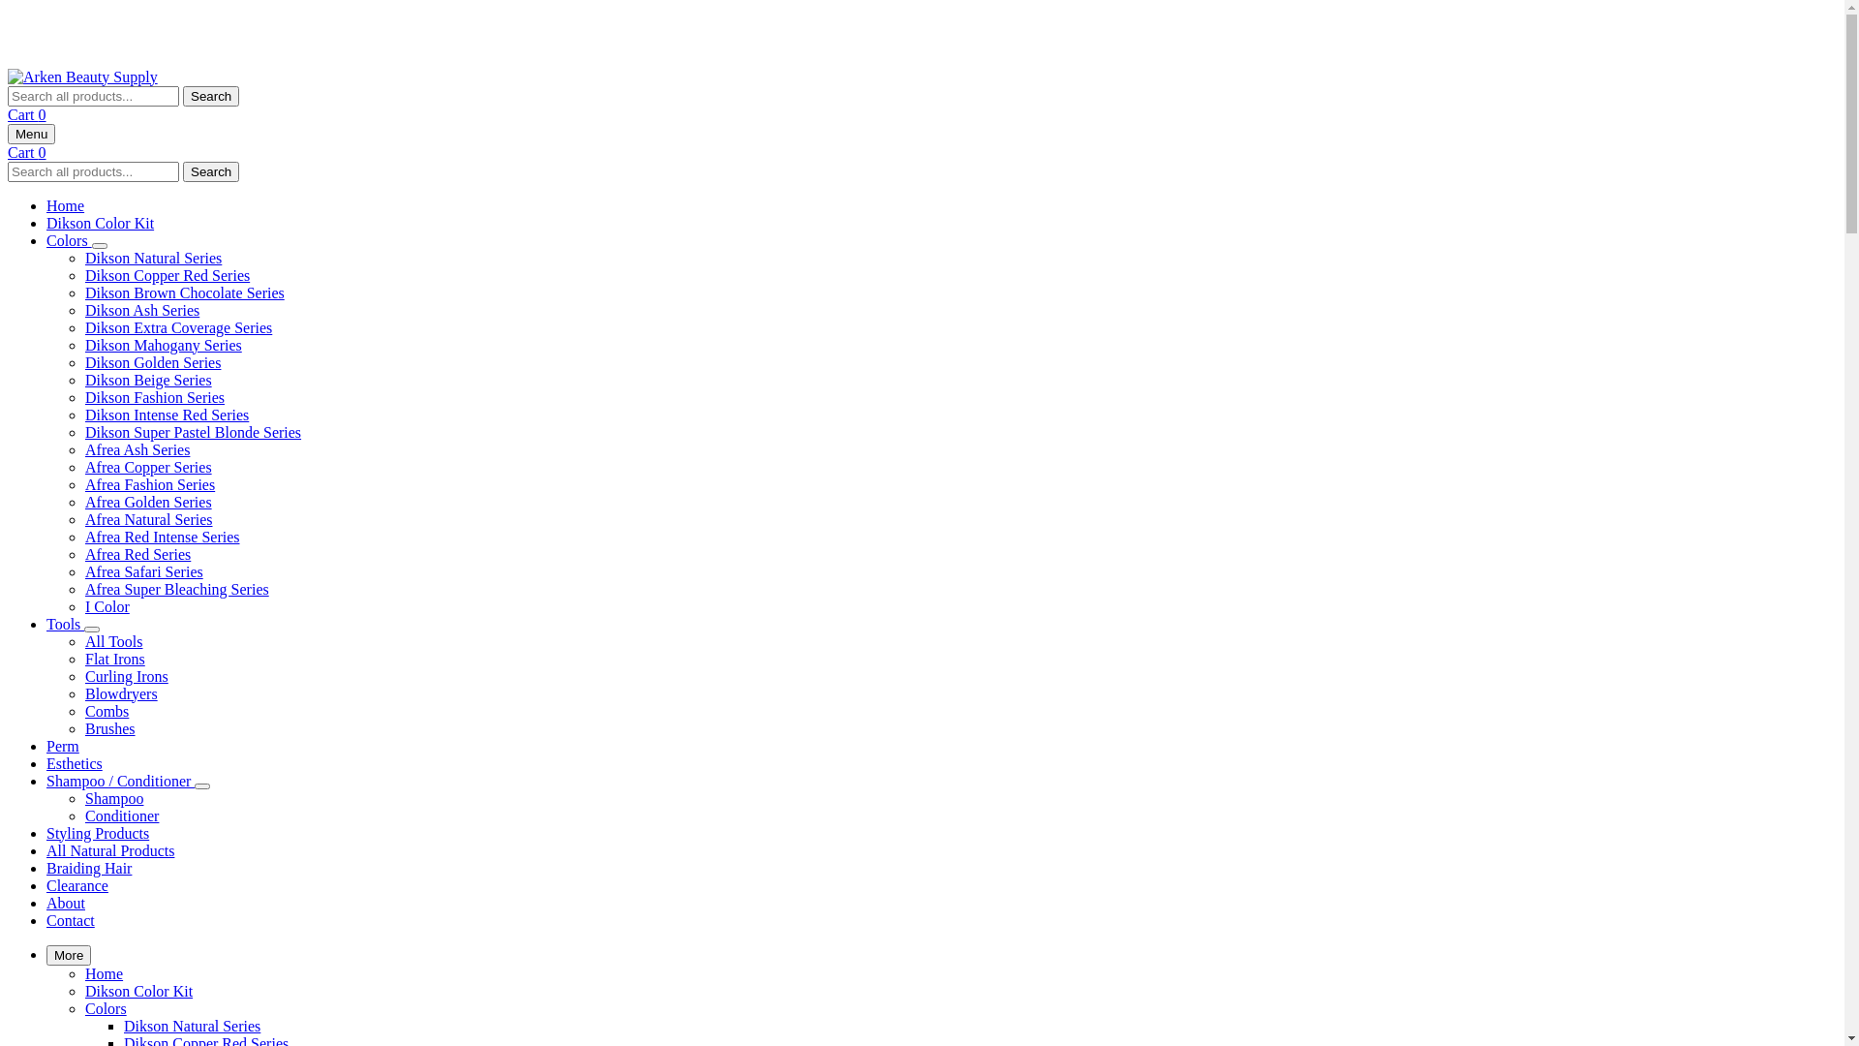  I want to click on 'Dikson Brown Chocolate Series', so click(185, 292).